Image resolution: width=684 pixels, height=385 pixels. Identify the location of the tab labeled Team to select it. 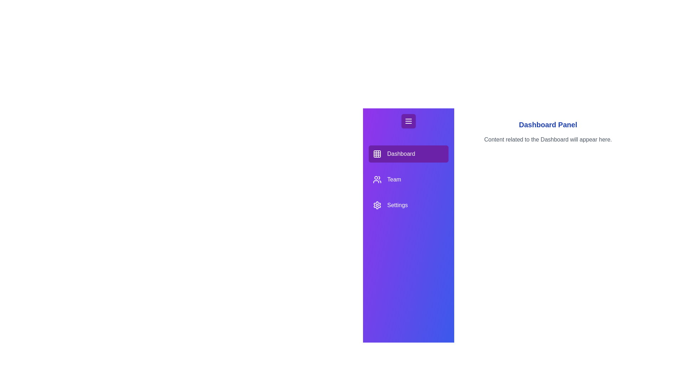
(409, 179).